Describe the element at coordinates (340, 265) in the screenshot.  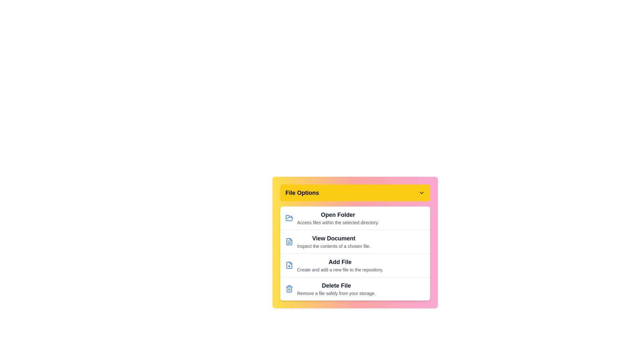
I see `the third menu item in the 'File Options' menu, which allows users to create and add a new file to the repository` at that location.